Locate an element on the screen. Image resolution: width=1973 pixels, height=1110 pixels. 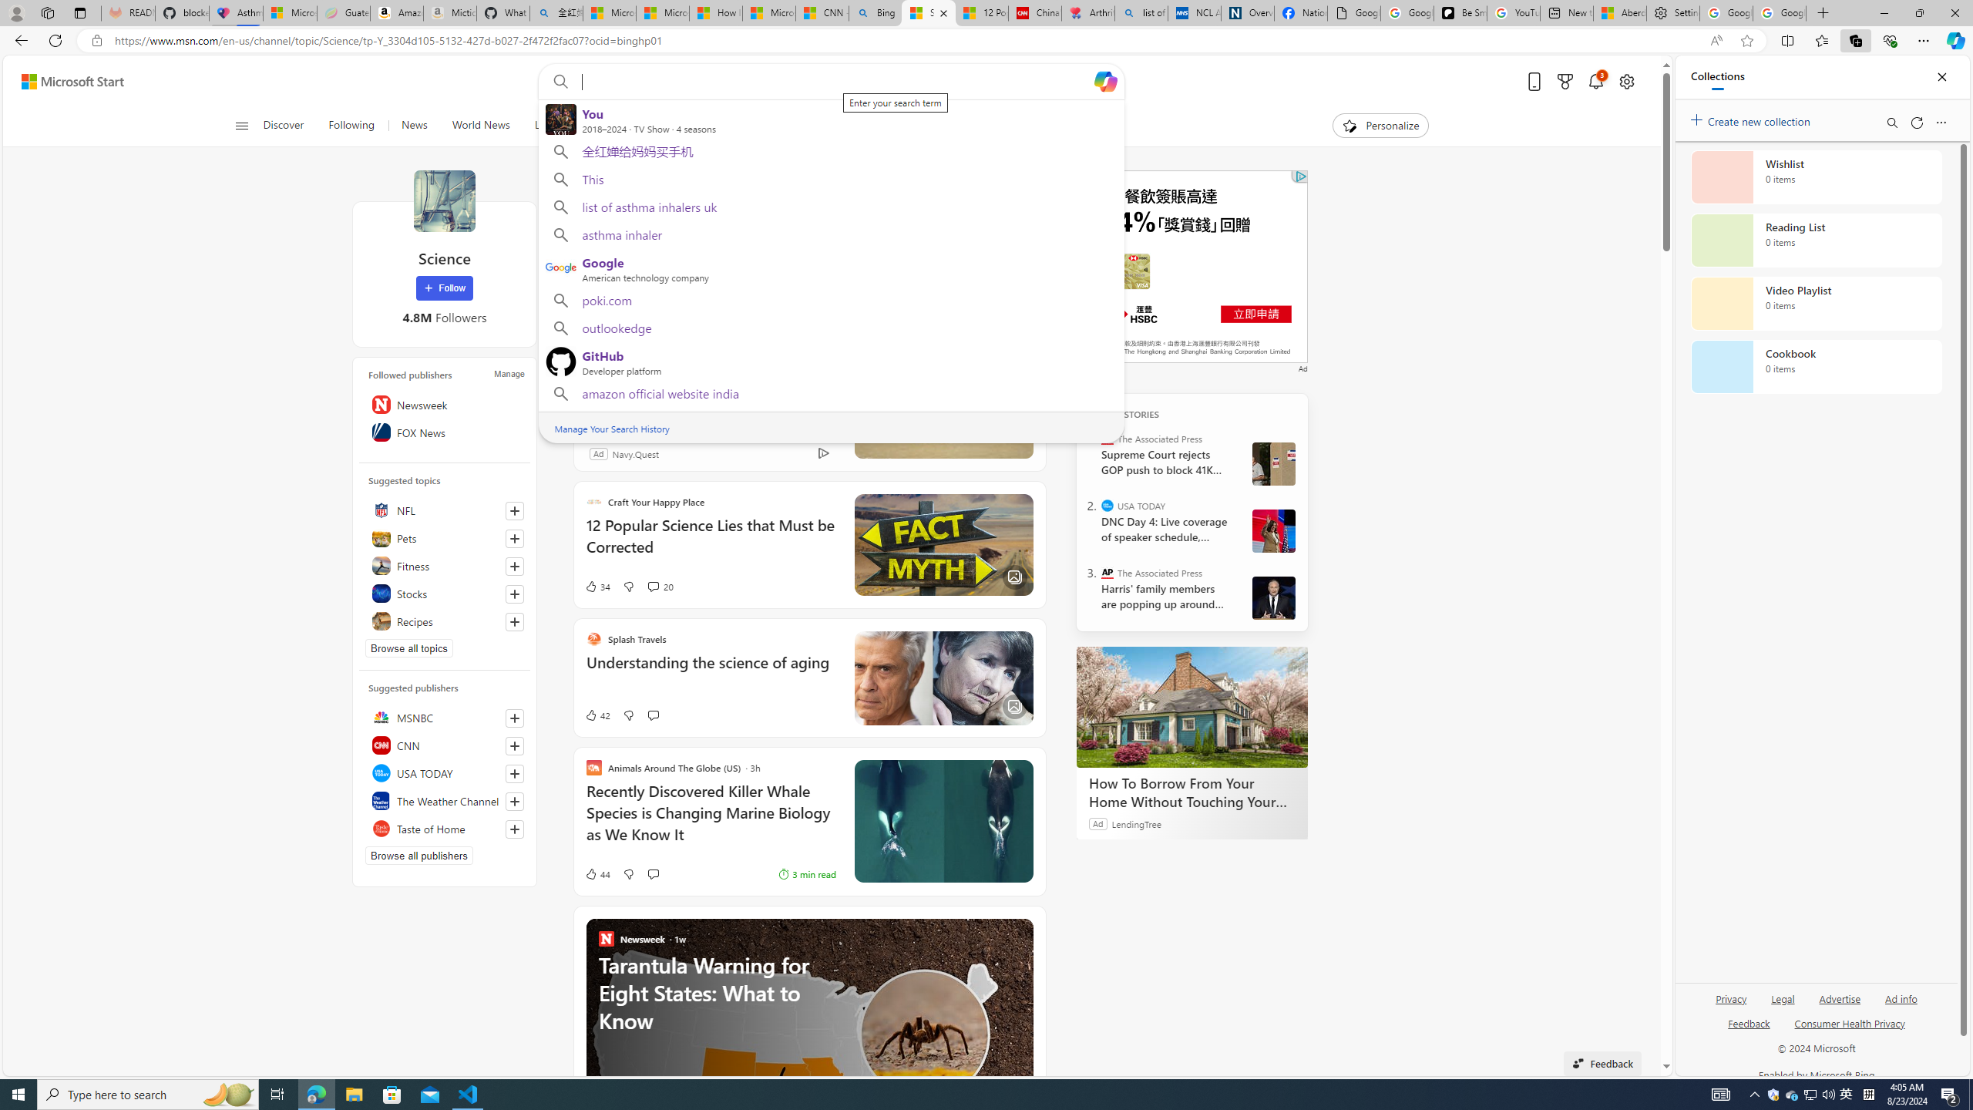
'How I Got Rid of Microsoft Edge' is located at coordinates (716, 12).